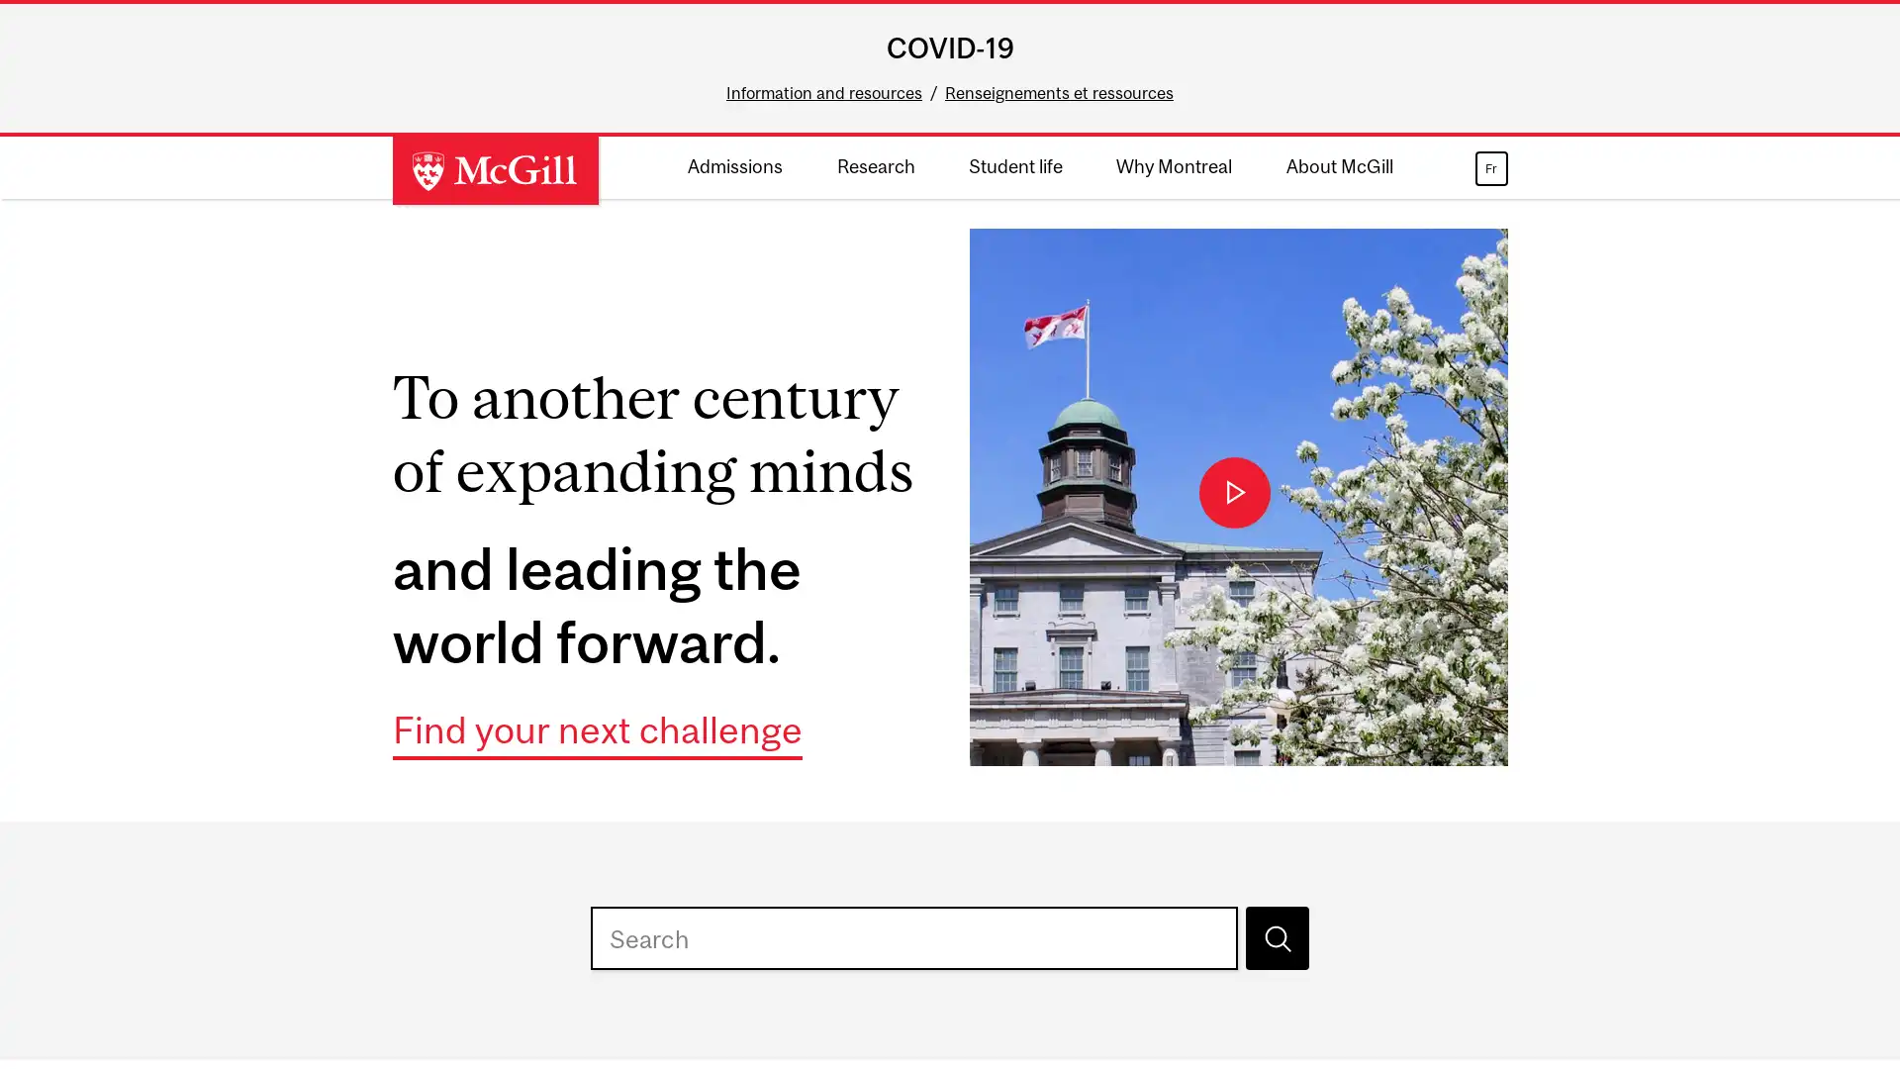  Describe the element at coordinates (874, 165) in the screenshot. I see `Research` at that location.